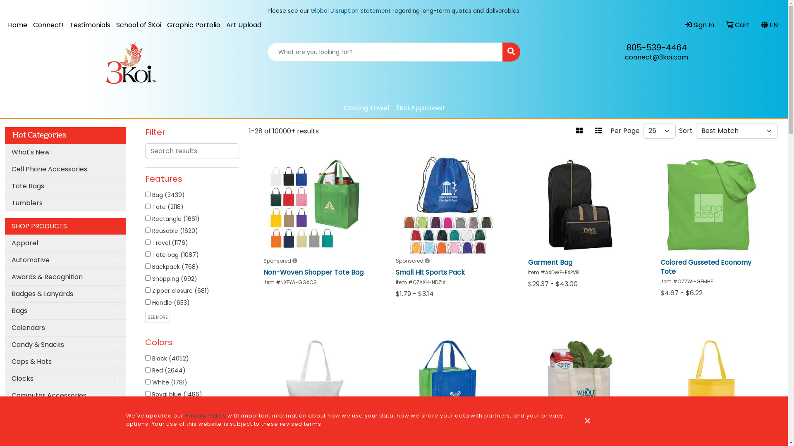 The height and width of the screenshot is (446, 794). What do you see at coordinates (193, 25) in the screenshot?
I see `'Graphic Portolio'` at bounding box center [193, 25].